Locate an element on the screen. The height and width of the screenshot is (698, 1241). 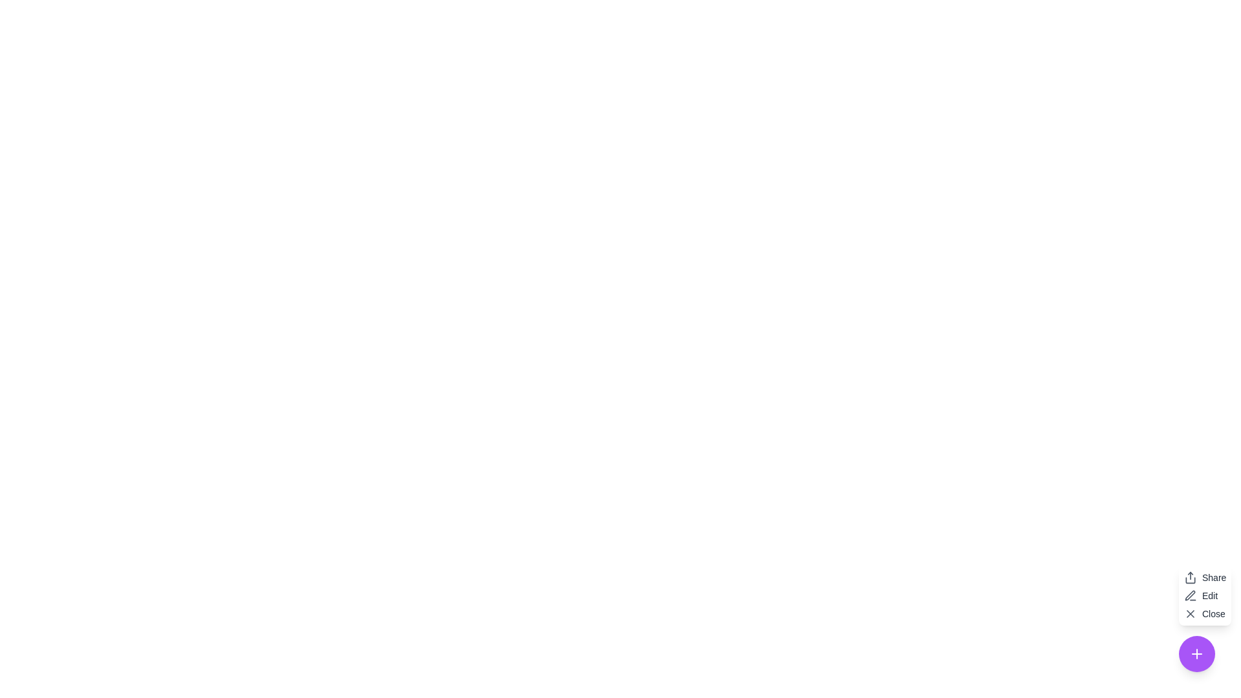
the close button located to the left of the 'Close' text is located at coordinates (1190, 613).